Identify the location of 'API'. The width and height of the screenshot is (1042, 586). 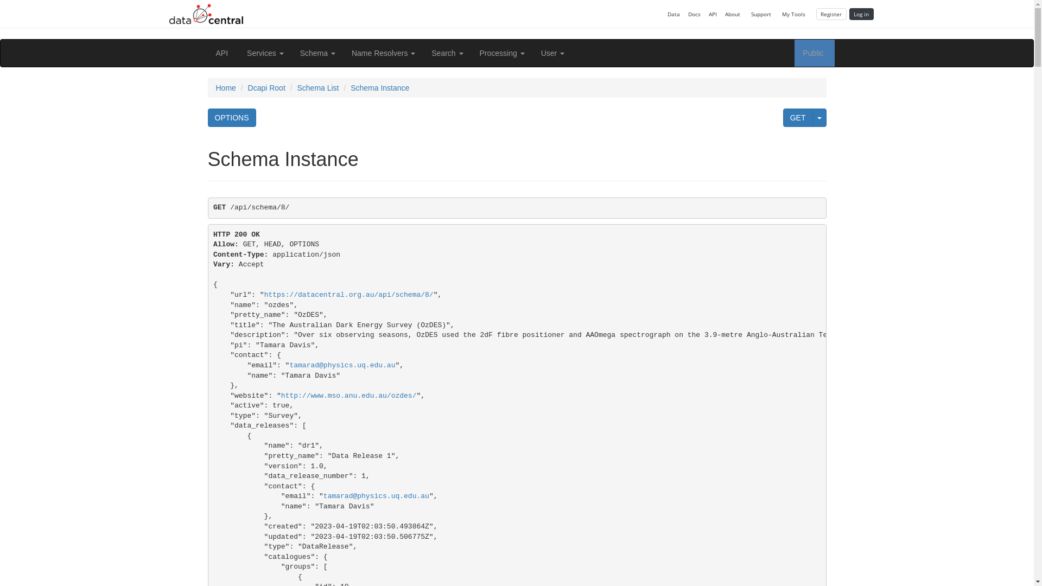
(223, 53).